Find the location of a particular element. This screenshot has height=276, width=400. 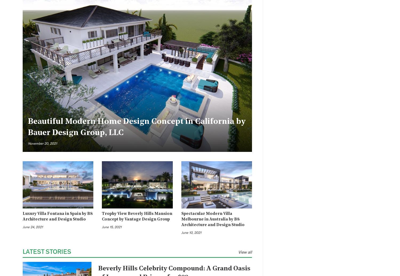

'Latest Stories' is located at coordinates (47, 252).